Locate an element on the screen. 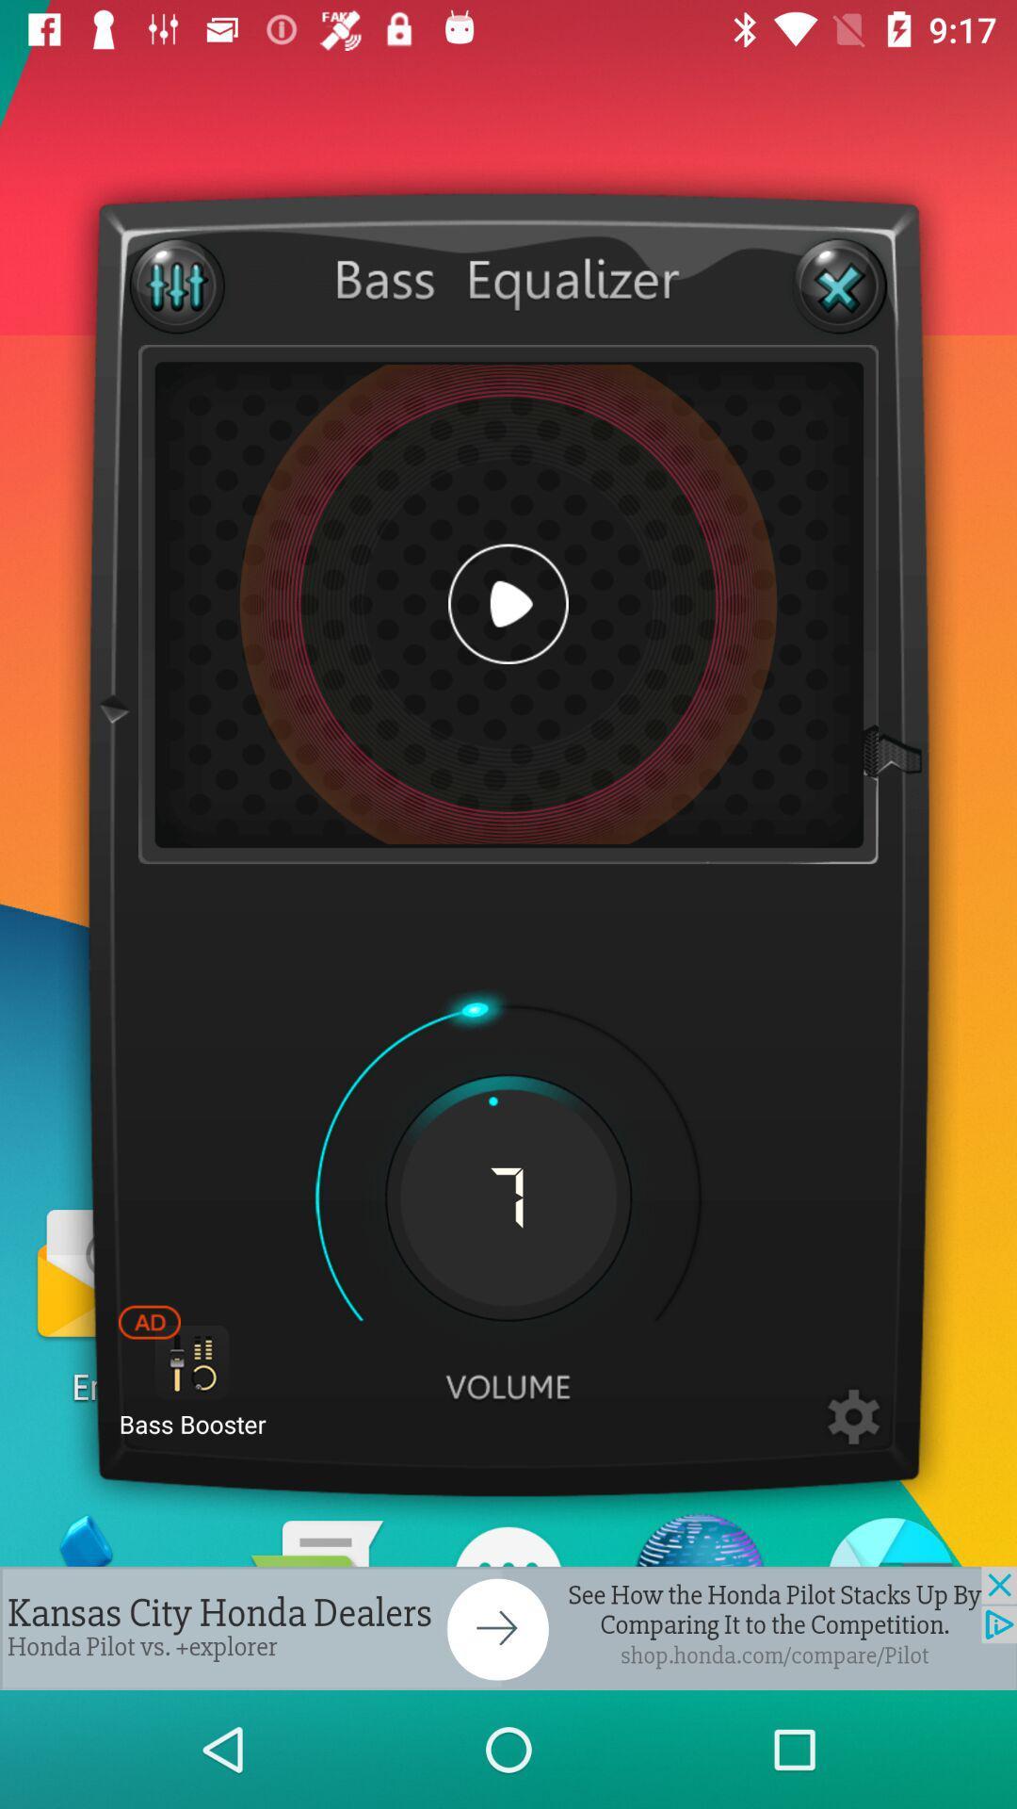  advertisement is located at coordinates (508, 1627).